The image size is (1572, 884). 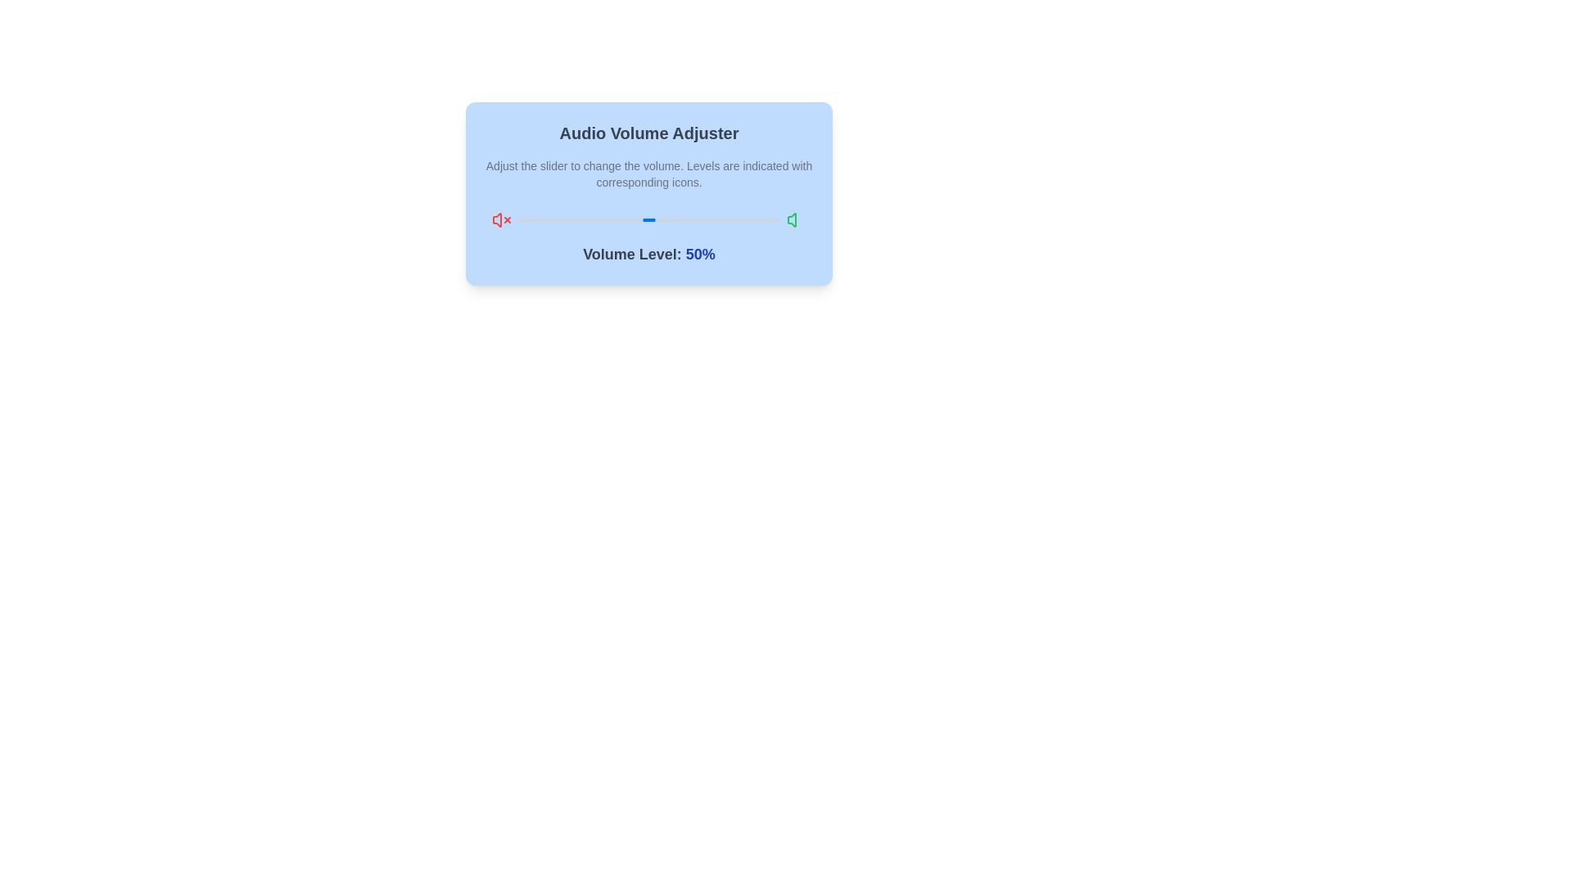 I want to click on the volume slider to set the volume to 83%, so click(x=734, y=219).